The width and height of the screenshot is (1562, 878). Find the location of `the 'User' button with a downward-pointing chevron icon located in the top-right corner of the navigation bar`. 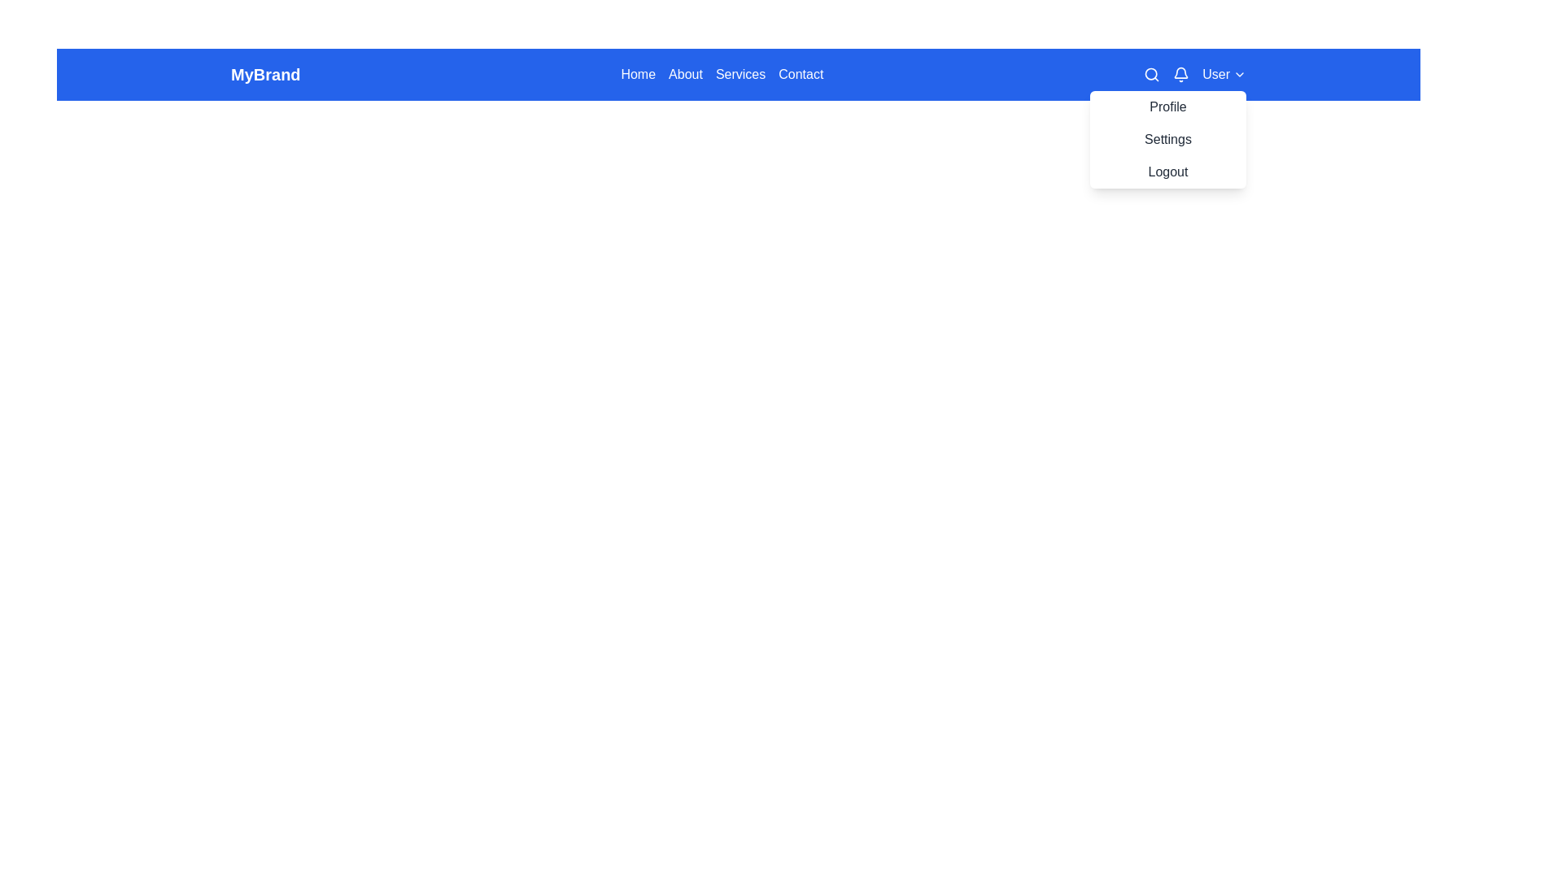

the 'User' button with a downward-pointing chevron icon located in the top-right corner of the navigation bar is located at coordinates (1195, 75).